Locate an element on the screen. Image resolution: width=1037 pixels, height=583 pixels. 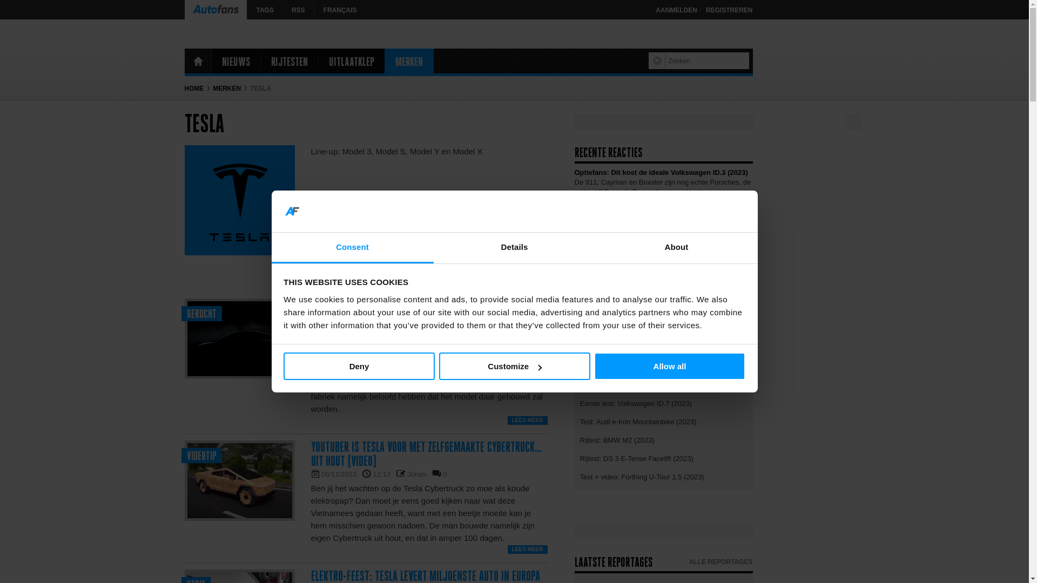
'AANMELDEN' is located at coordinates (676, 10).